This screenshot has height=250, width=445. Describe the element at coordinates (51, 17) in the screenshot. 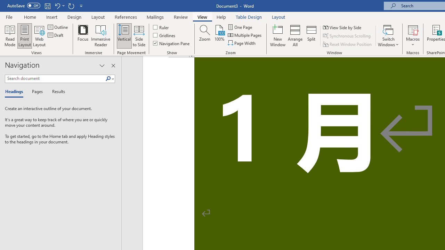

I see `'Insert'` at that location.